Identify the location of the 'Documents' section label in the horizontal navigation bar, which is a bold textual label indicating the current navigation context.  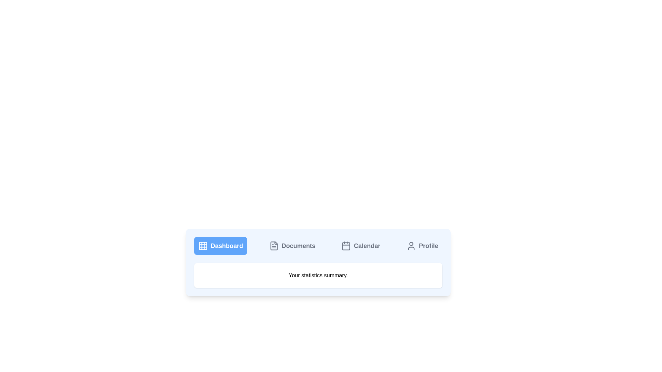
(298, 245).